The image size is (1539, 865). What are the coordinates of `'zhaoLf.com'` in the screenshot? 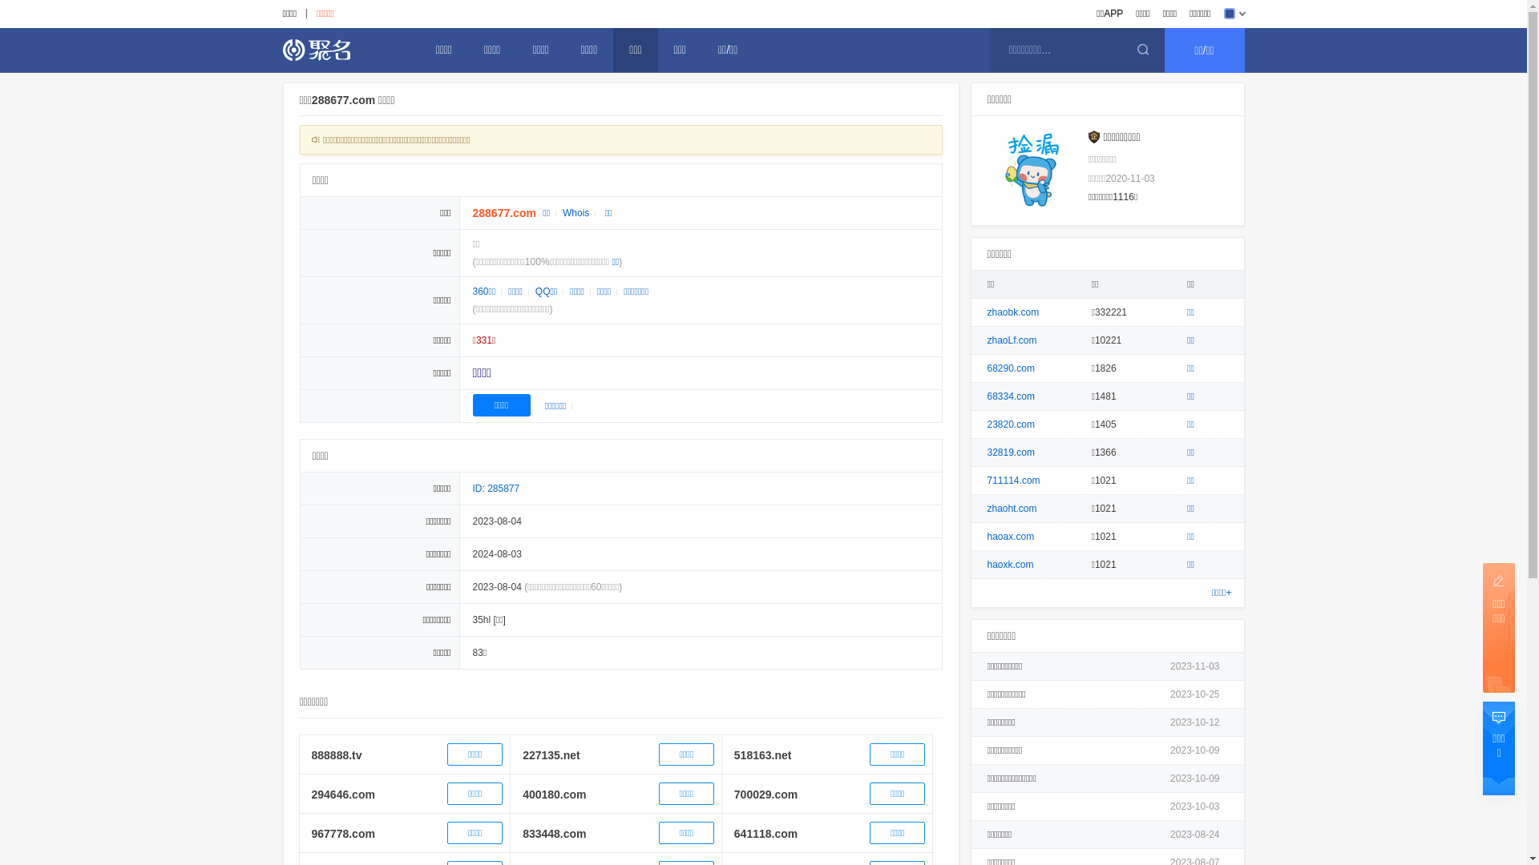 It's located at (1011, 339).